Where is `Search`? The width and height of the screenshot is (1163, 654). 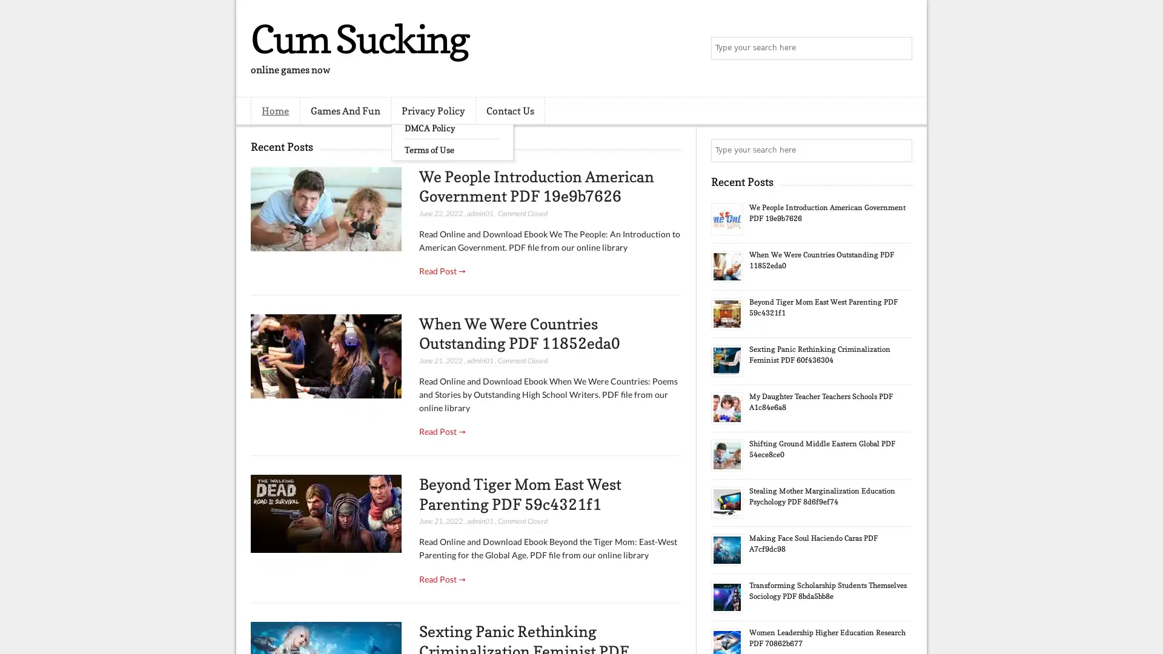 Search is located at coordinates (900, 48).